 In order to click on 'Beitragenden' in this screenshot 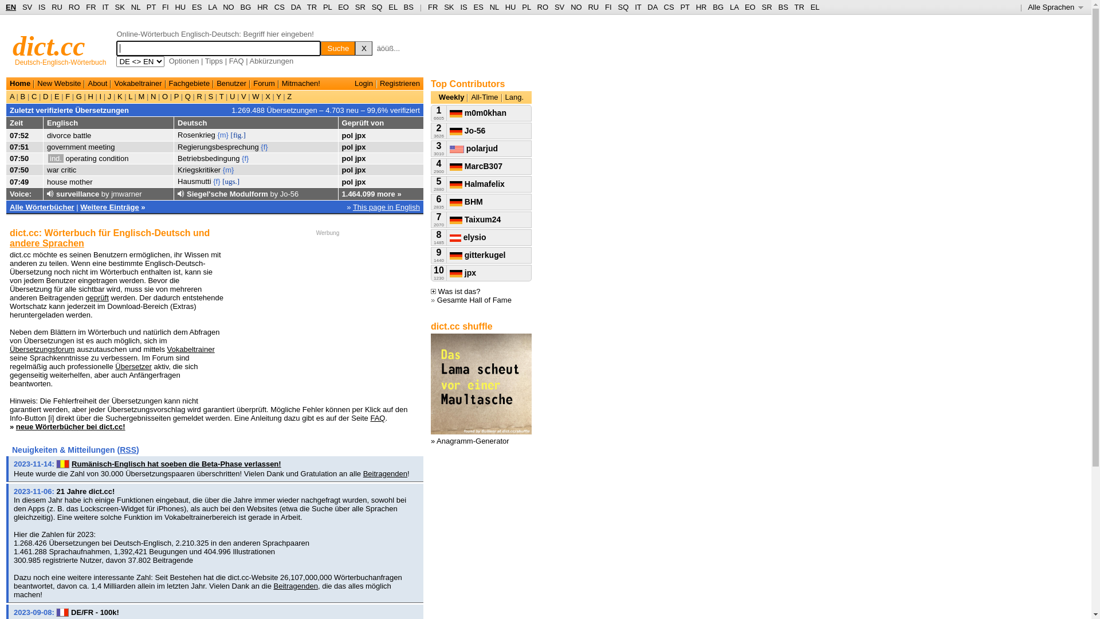, I will do `click(362, 473)`.